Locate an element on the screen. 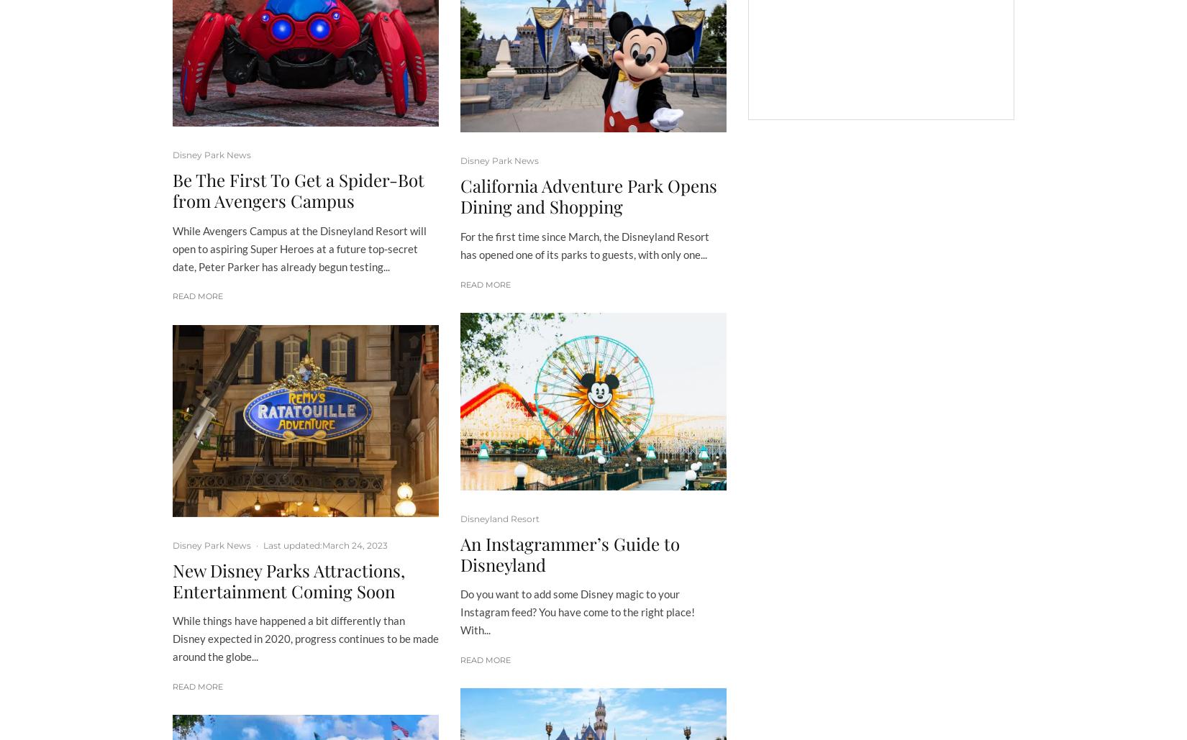  'While things have happened a bit differently than Disney expected in 2020, progress continues to be made around the globe...' is located at coordinates (305, 639).